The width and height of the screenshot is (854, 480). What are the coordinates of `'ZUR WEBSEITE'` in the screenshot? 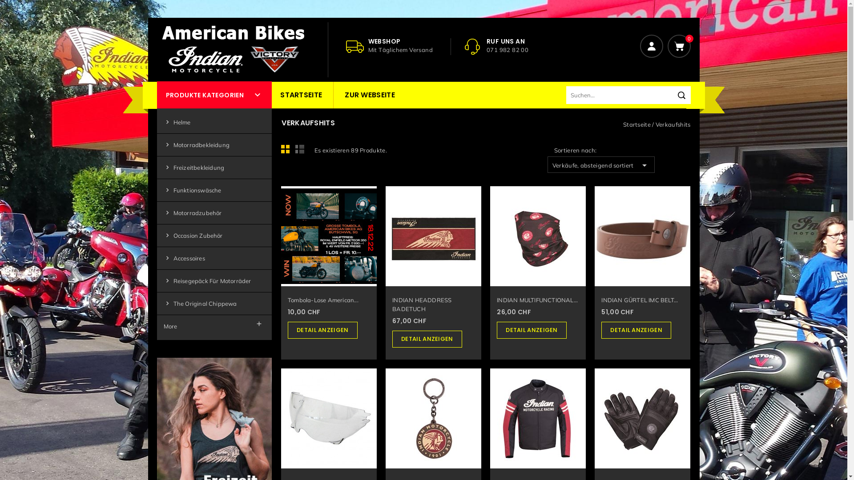 It's located at (370, 95).